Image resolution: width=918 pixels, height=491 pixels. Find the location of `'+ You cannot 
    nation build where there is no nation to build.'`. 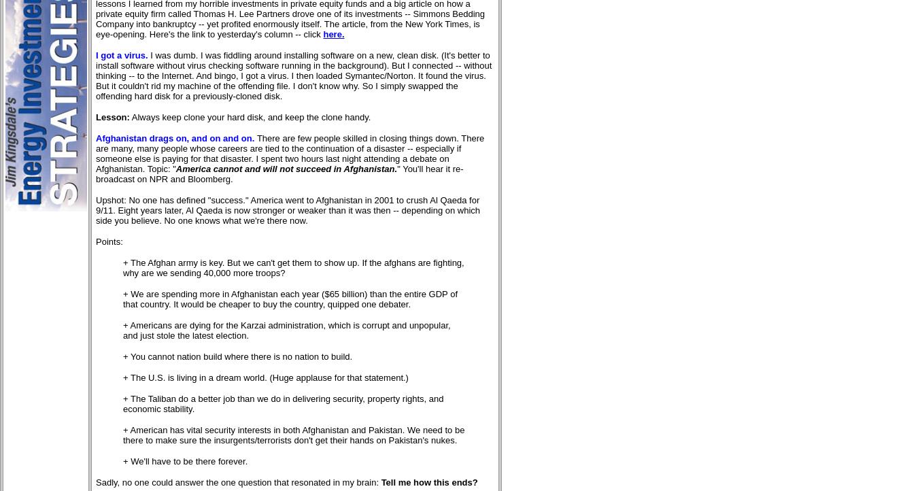

'+ You cannot 
    nation build where there is no nation to build.' is located at coordinates (237, 356).